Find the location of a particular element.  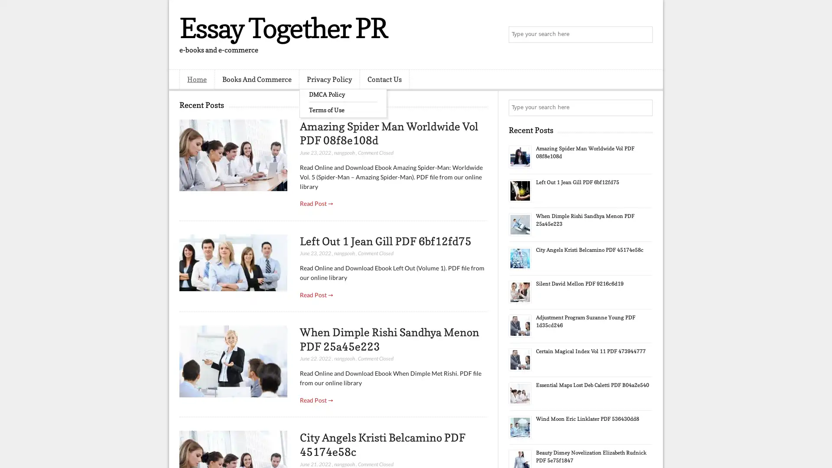

Search is located at coordinates (643, 107).